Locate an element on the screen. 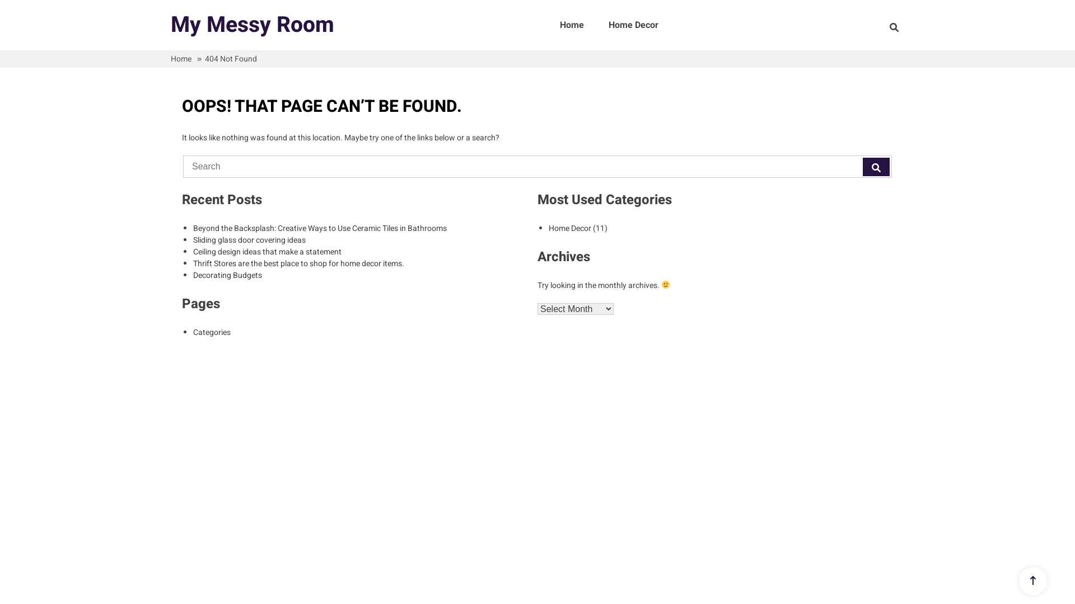  'Home' is located at coordinates (572, 25).